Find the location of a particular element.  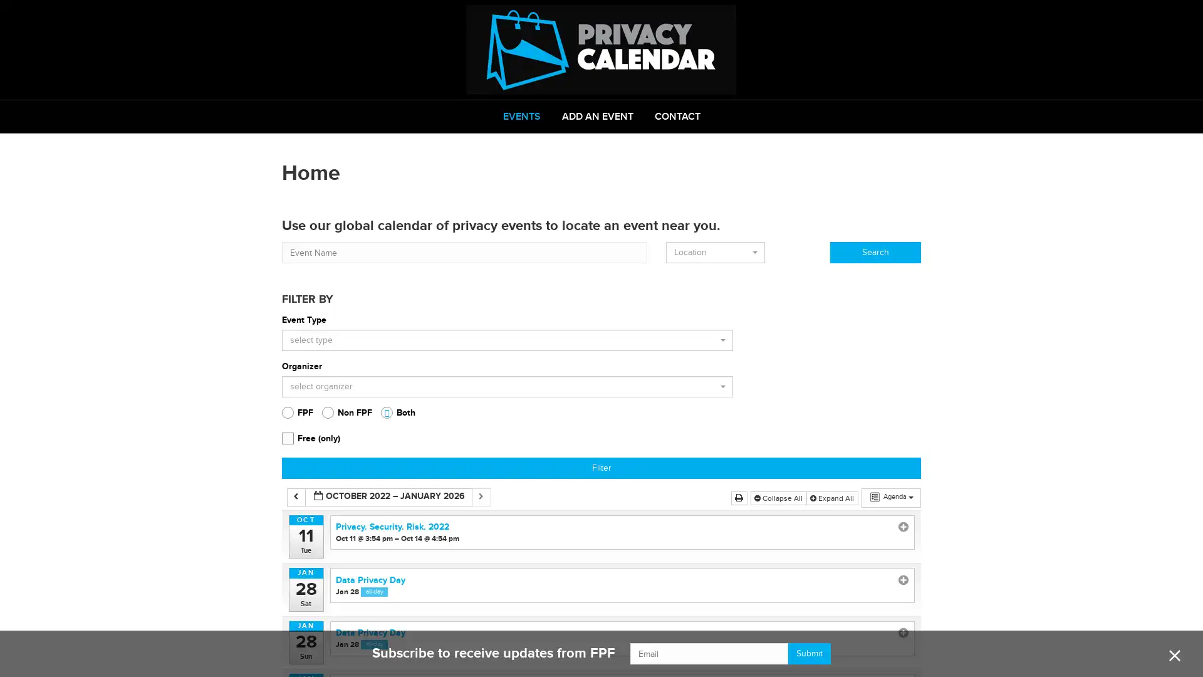

Search is located at coordinates (875, 252).